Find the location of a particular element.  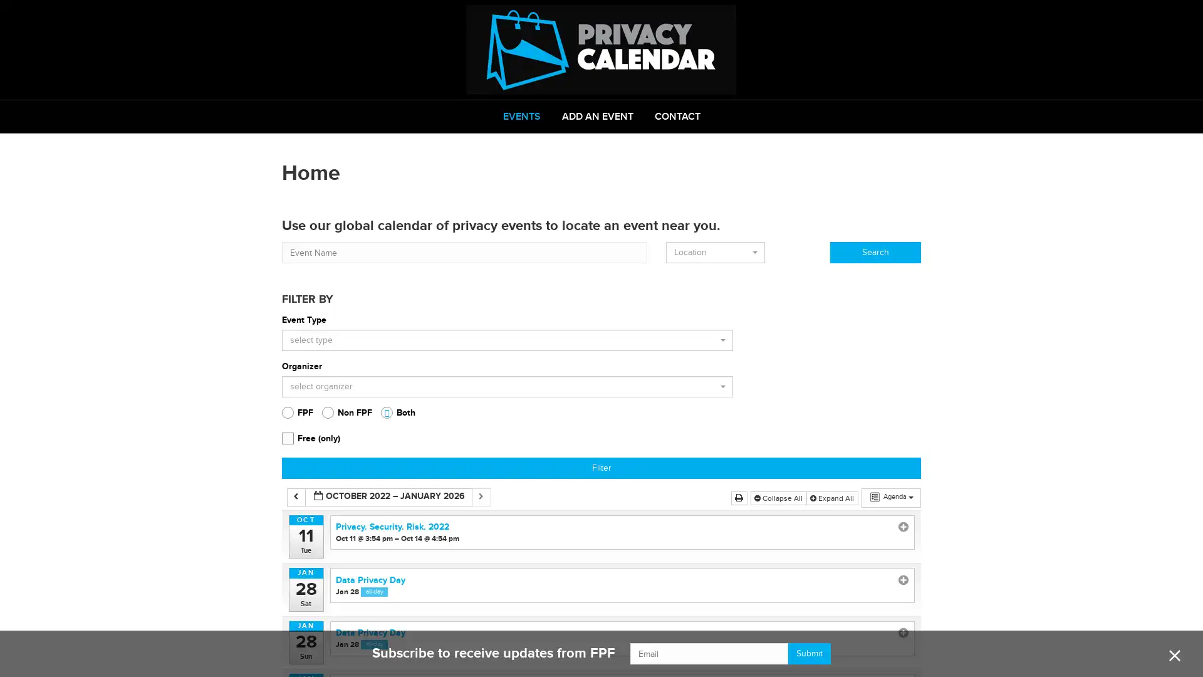

Search is located at coordinates (875, 252).